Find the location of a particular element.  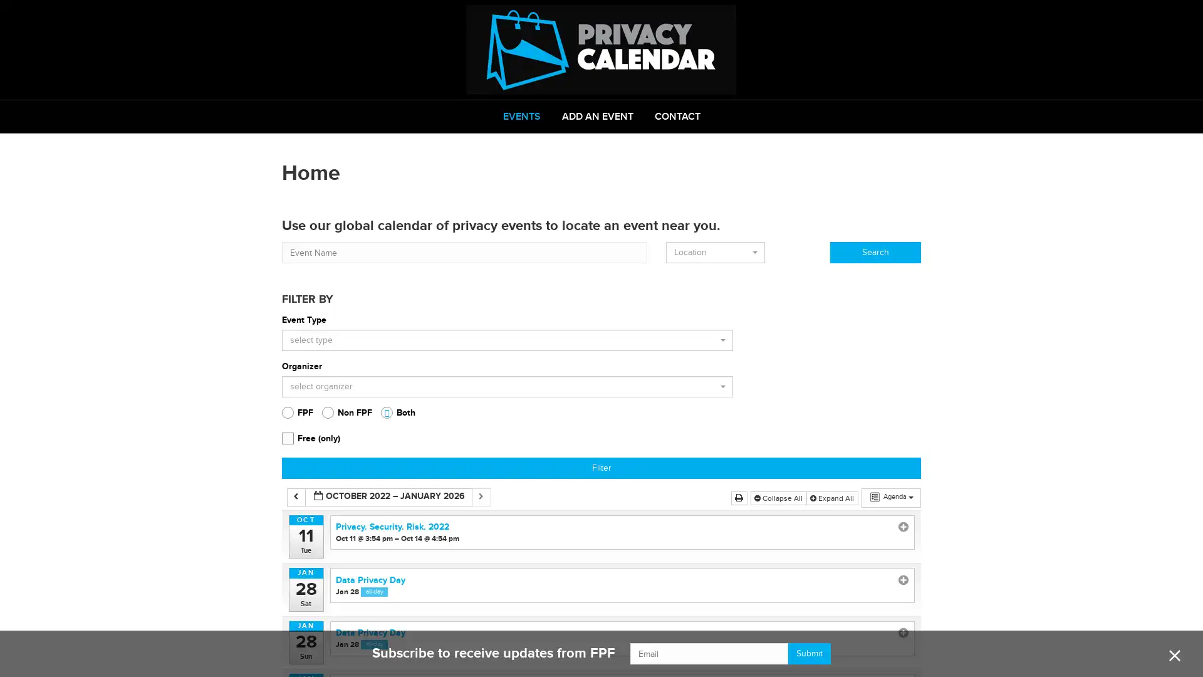

Search is located at coordinates (875, 252).